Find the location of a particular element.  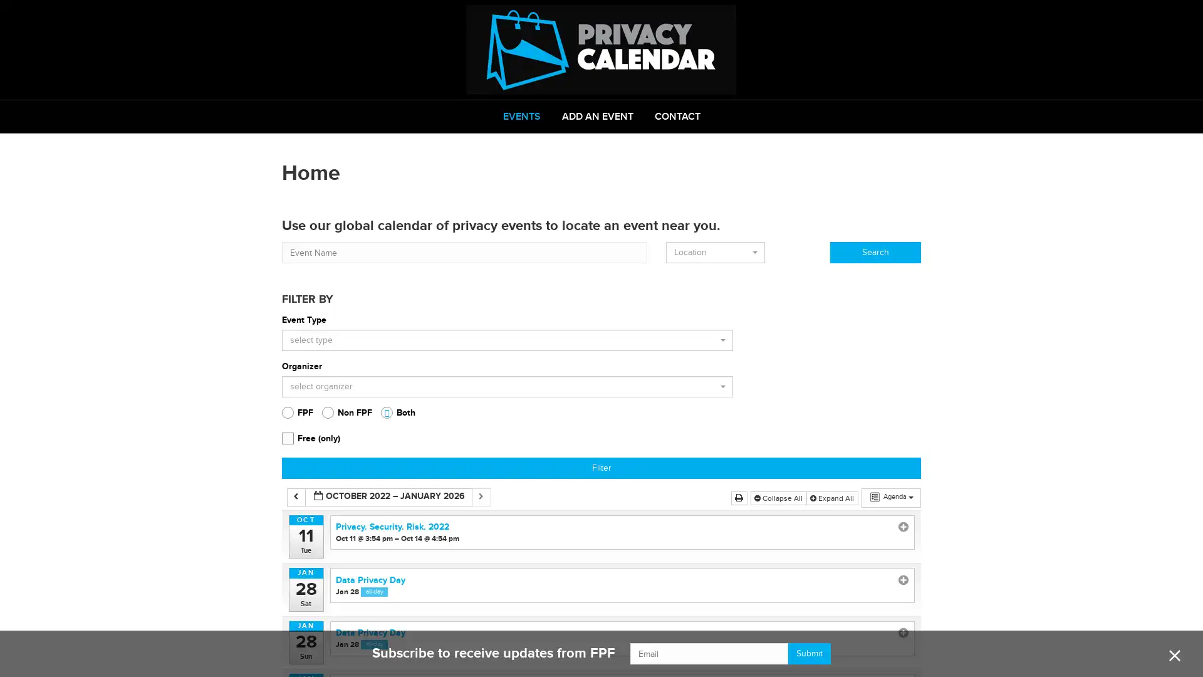

Search is located at coordinates (875, 252).